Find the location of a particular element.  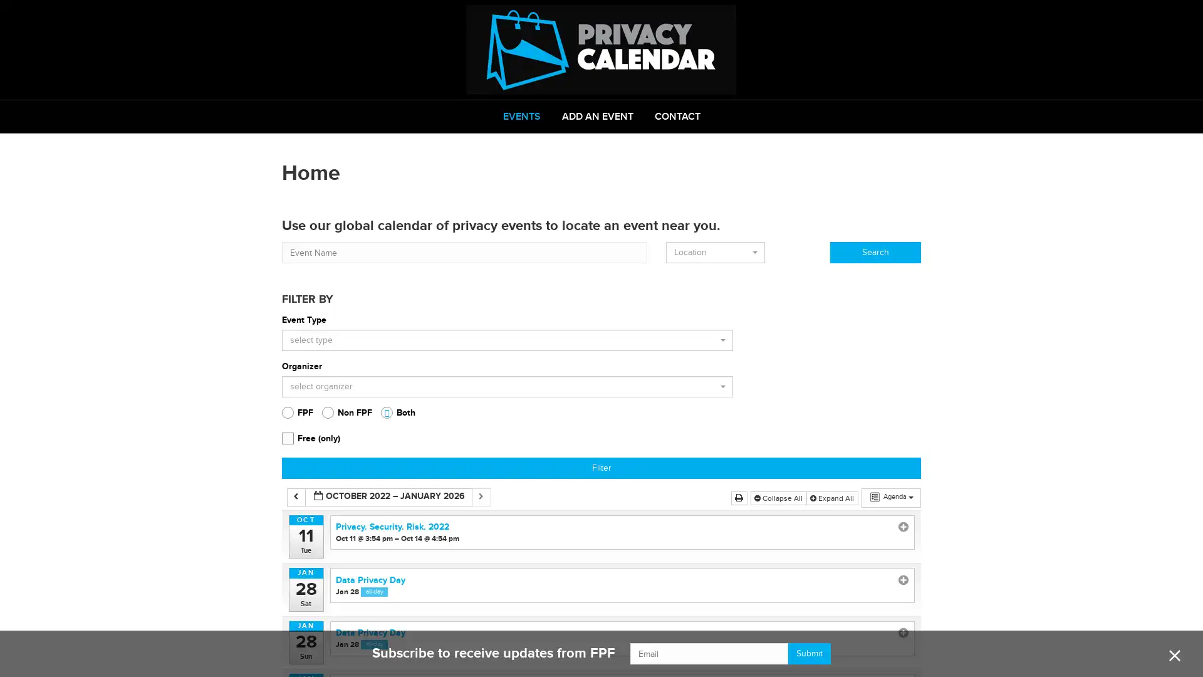

Search is located at coordinates (875, 252).